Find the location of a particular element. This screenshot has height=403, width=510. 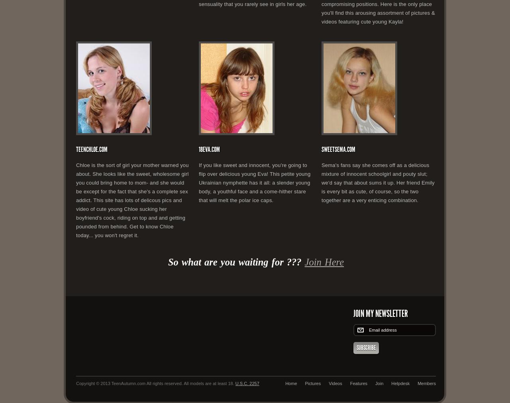

'If you like sweet and innocent, you're going to flip over delicious young Eva! This petite young Ukrainian nymphette has it all: a slender young body, a youthful face and a come-hither stare that will melt the polar ice caps.' is located at coordinates (254, 182).